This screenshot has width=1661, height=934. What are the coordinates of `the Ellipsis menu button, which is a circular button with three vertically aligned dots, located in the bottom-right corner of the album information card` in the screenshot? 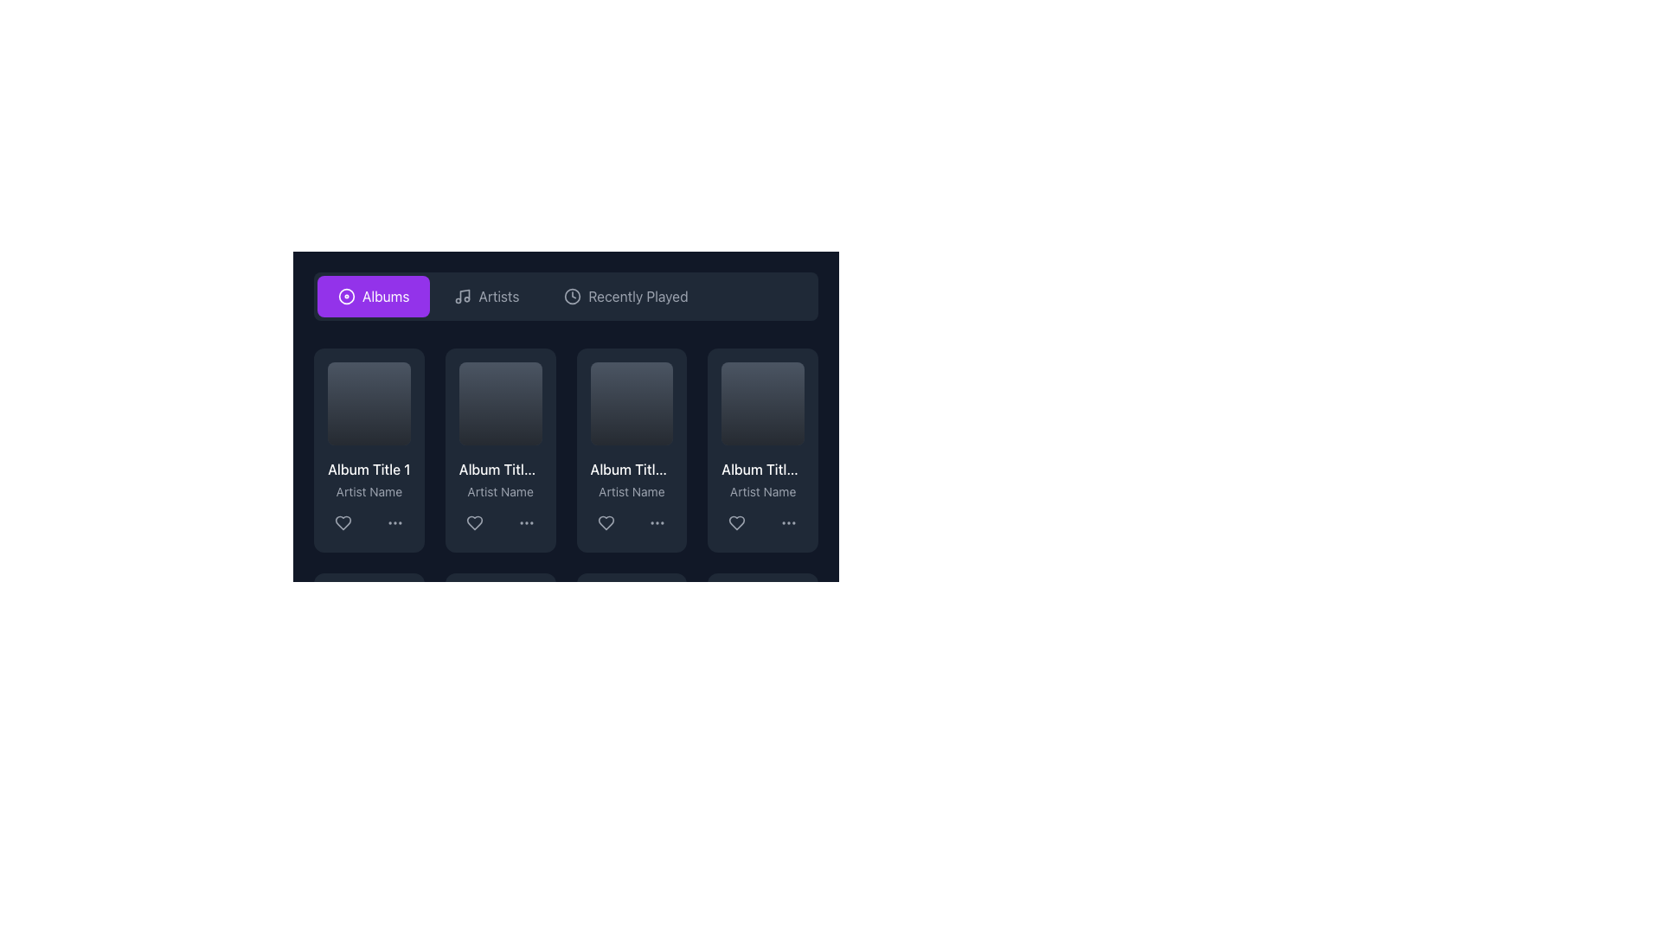 It's located at (525, 521).